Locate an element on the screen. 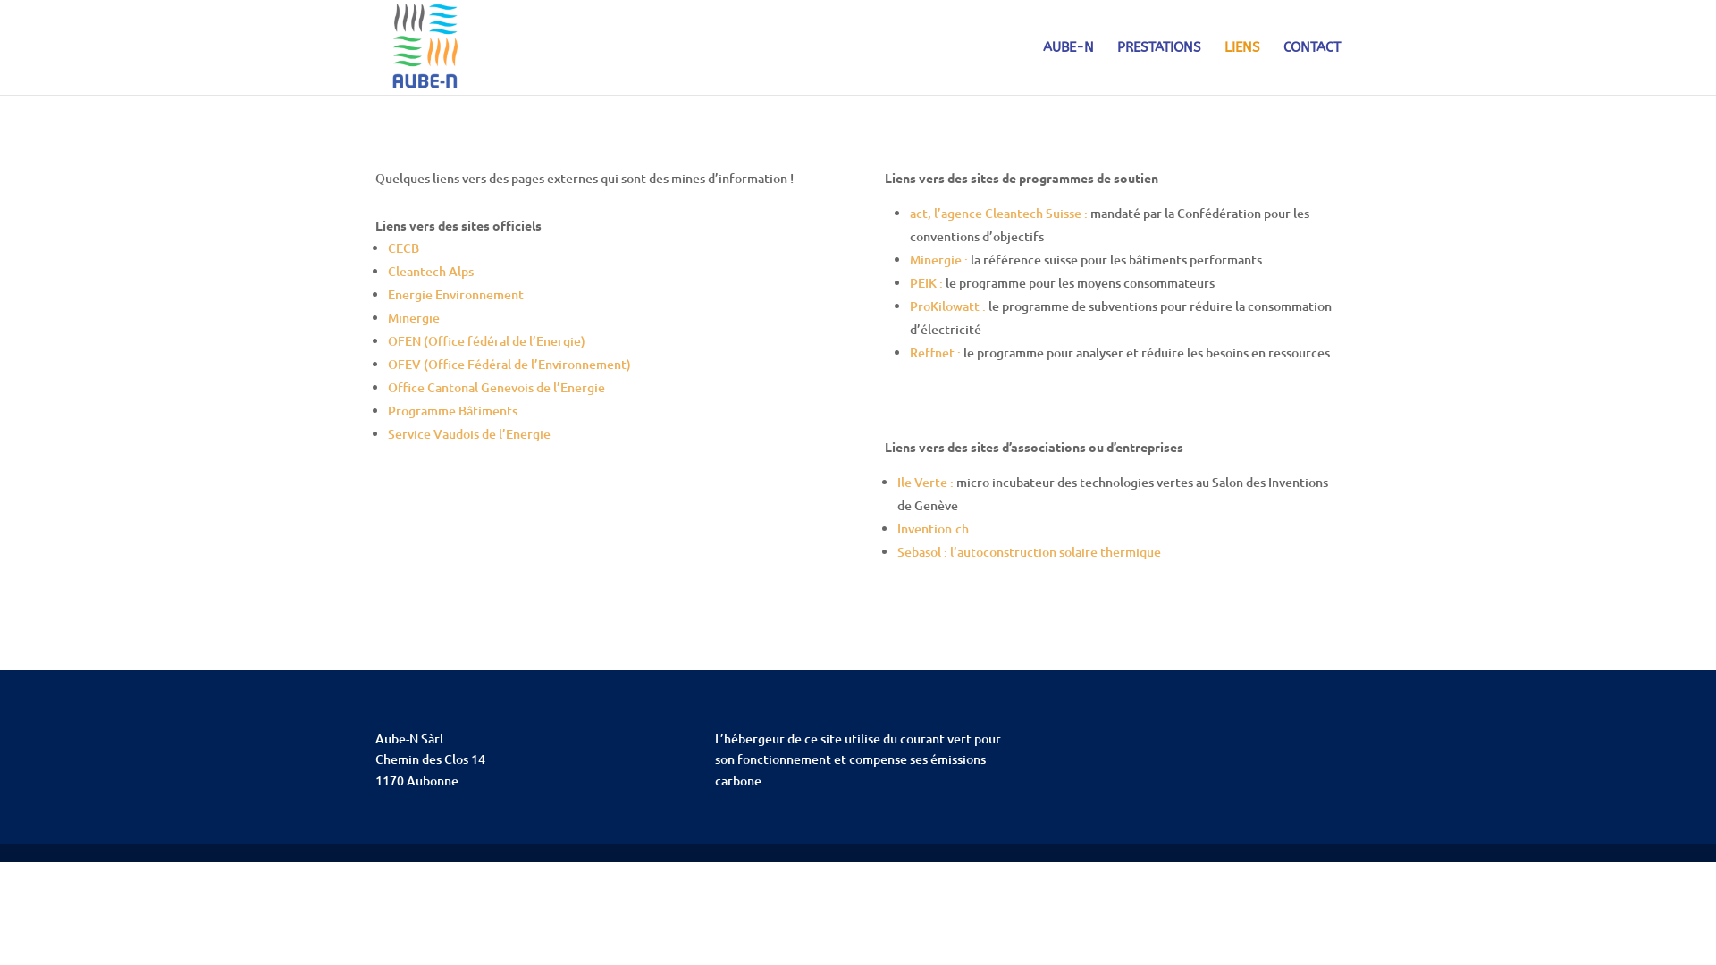 The height and width of the screenshot is (965, 1716). 'PRESTATIONS' is located at coordinates (1158, 67).